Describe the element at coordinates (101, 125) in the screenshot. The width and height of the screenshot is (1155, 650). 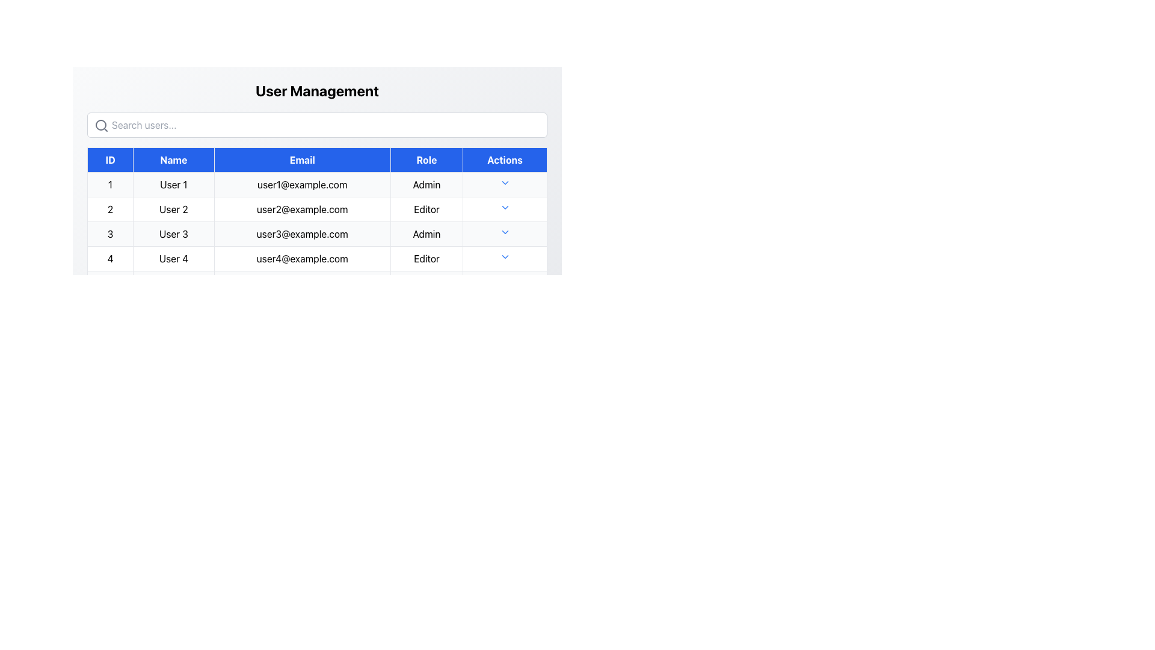
I see `the circular SVG element that resembles a magnifying glass, located at the left edge of the search input field next to the placeholder text 'Search users...'` at that location.